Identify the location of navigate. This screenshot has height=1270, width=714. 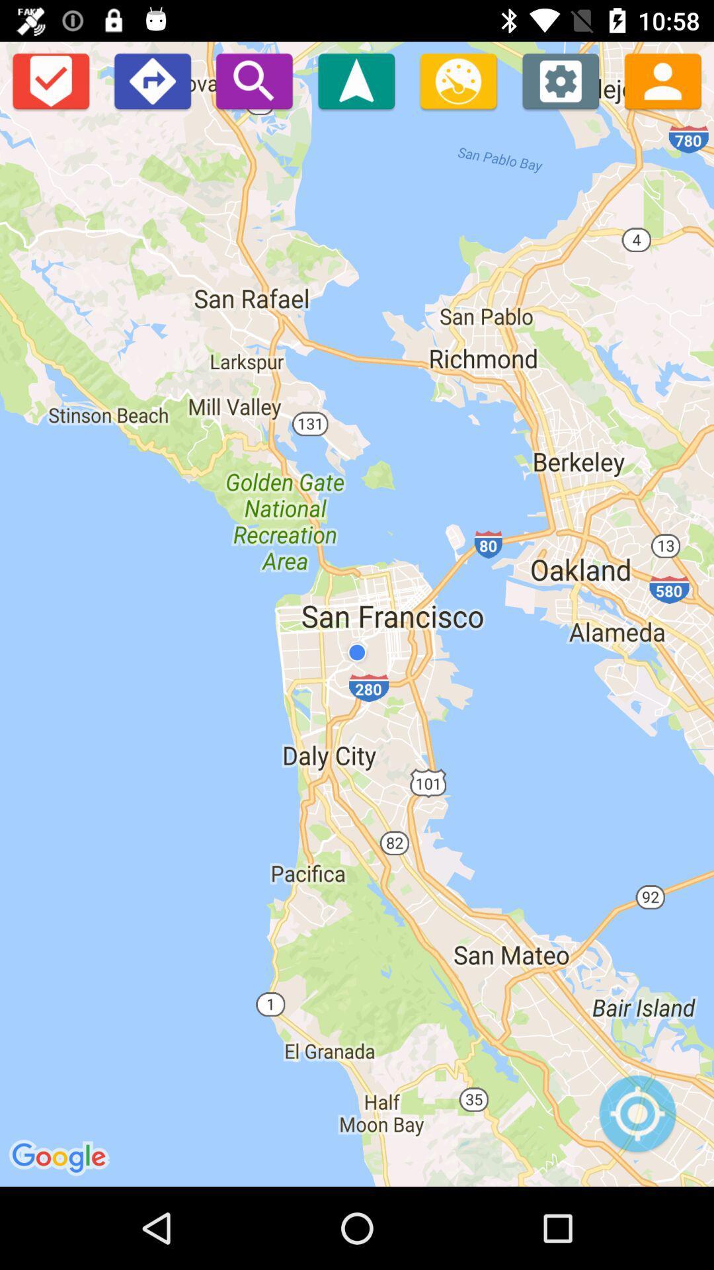
(356, 80).